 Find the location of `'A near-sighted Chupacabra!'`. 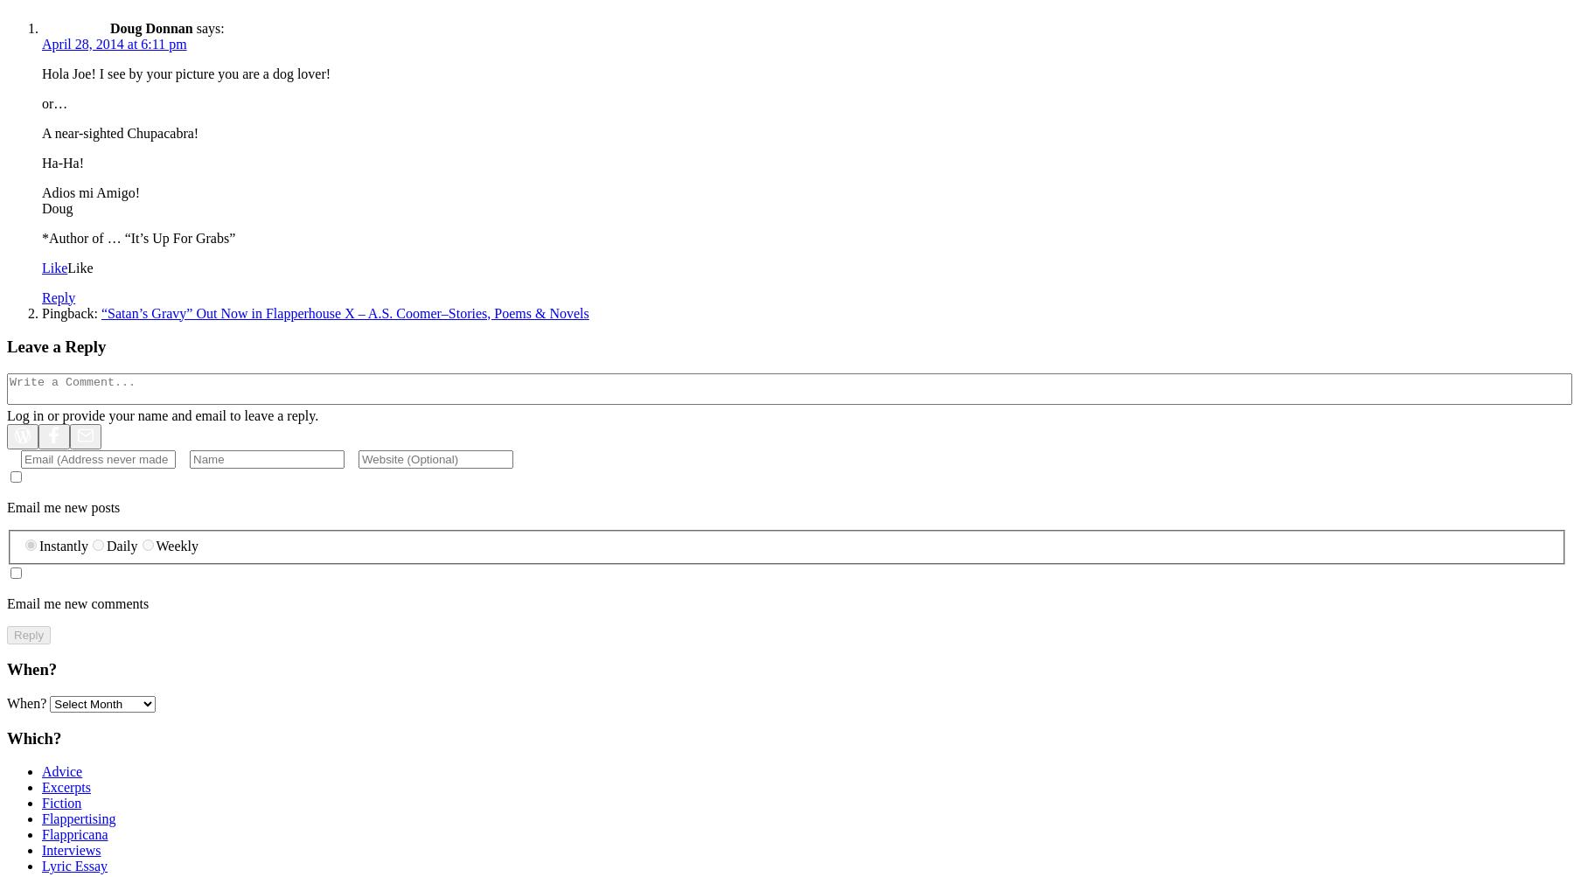

'A near-sighted Chupacabra!' is located at coordinates (120, 131).